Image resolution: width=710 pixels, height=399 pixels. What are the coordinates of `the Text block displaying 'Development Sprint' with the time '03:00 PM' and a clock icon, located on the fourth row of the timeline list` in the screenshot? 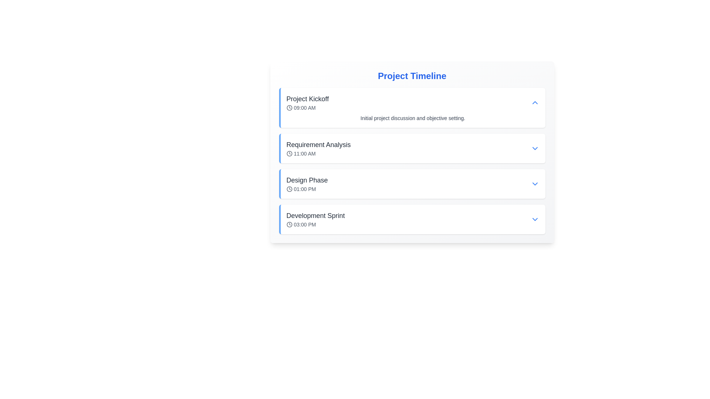 It's located at (315, 219).